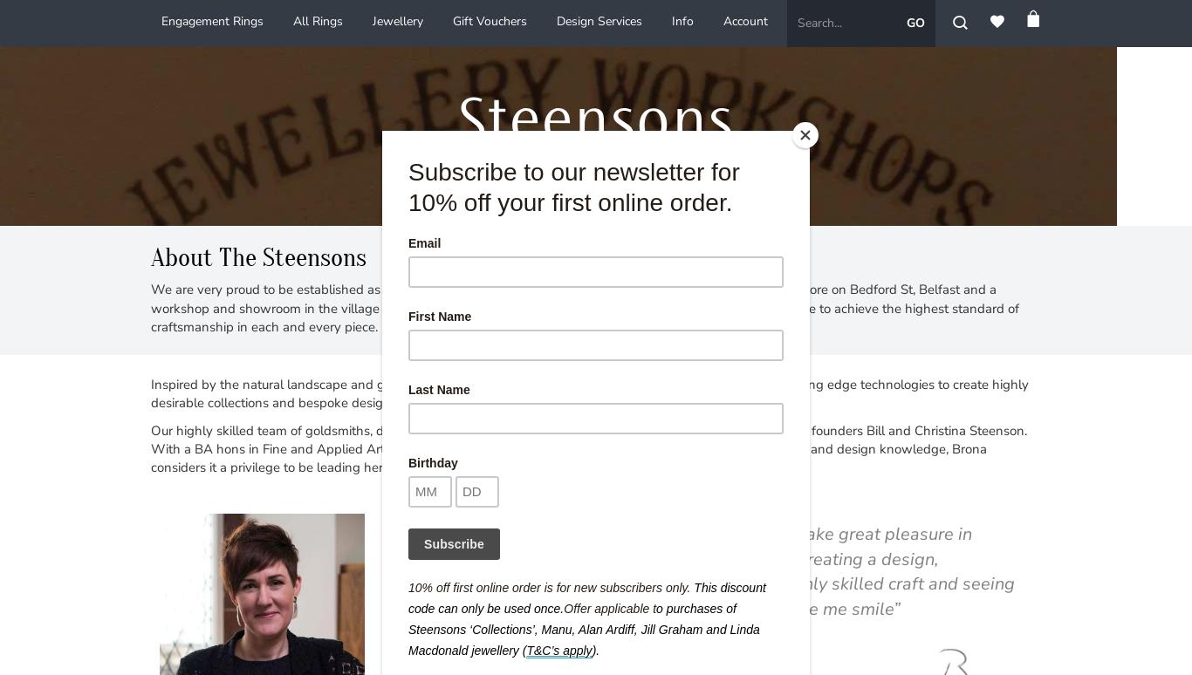 The height and width of the screenshot is (675, 1192). Describe the element at coordinates (317, 21) in the screenshot. I see `'All Rings'` at that location.